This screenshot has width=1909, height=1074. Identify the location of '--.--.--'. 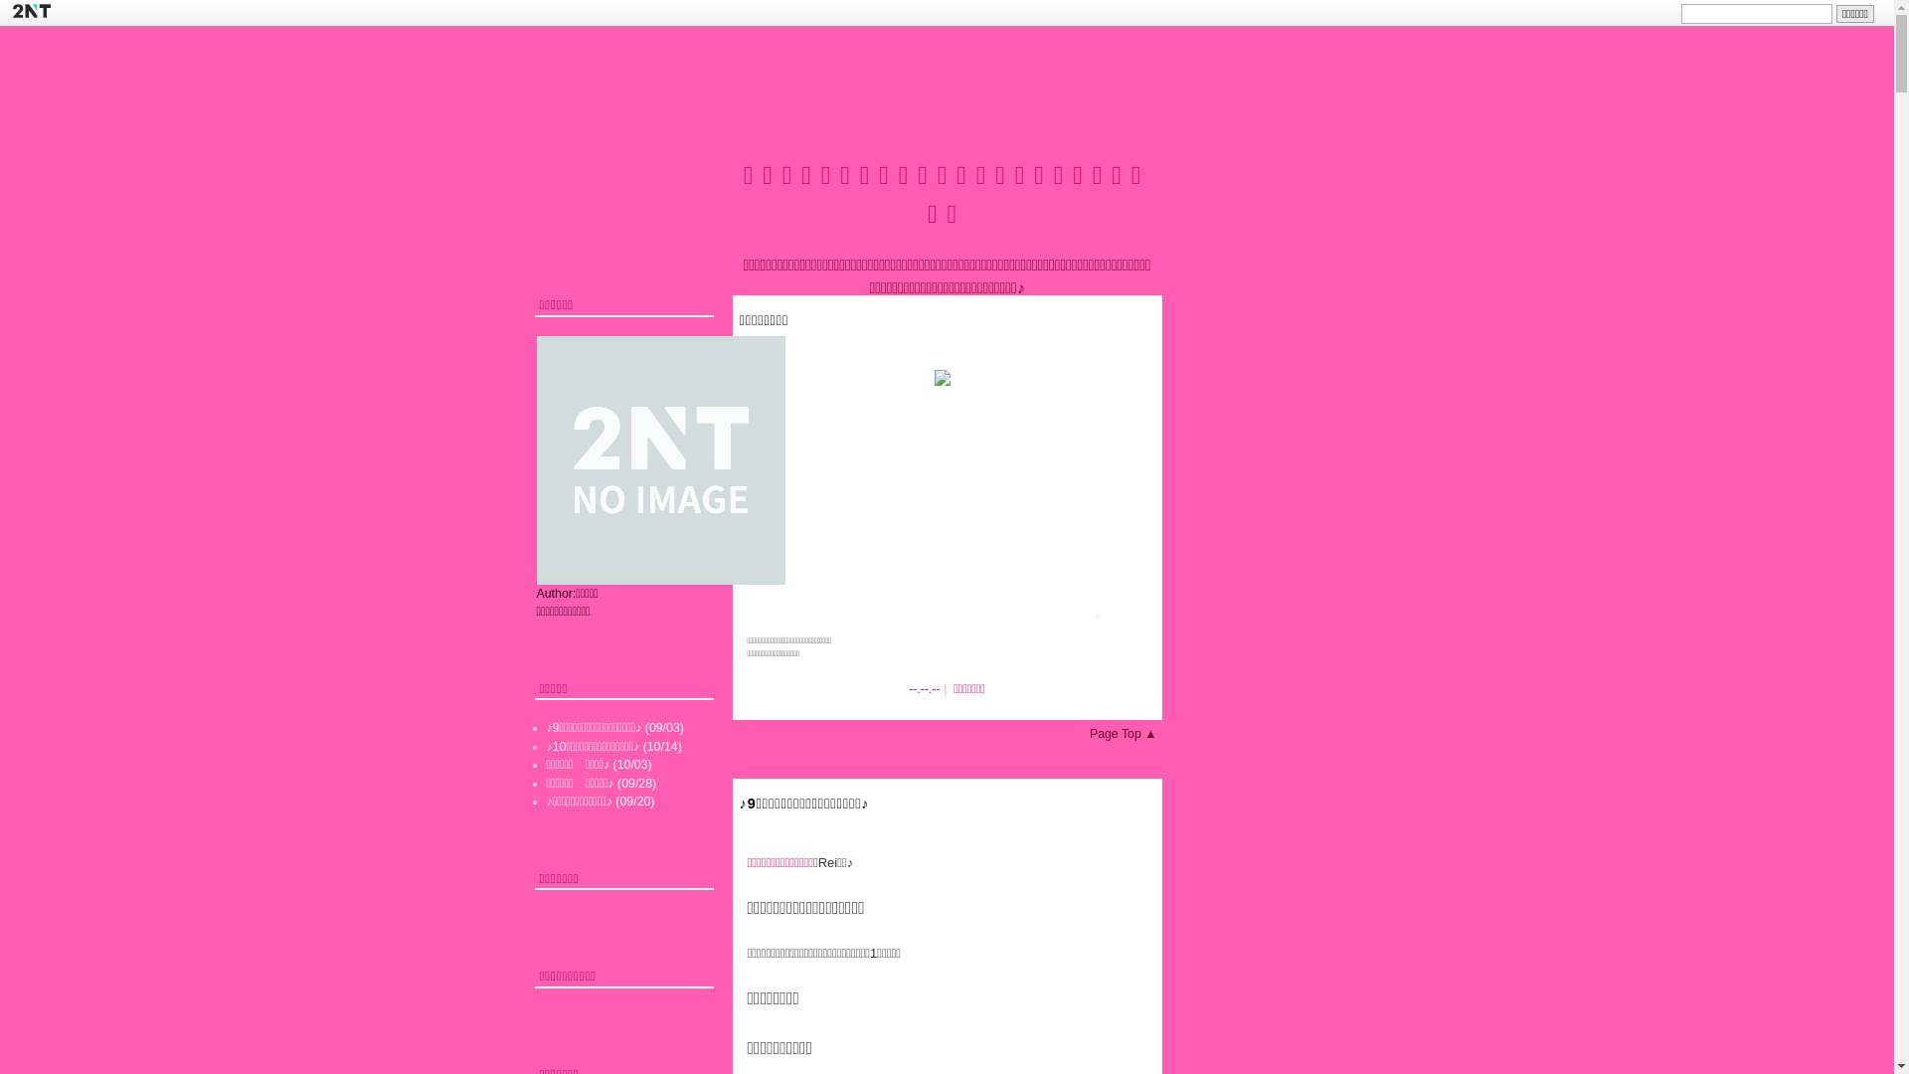
(924, 688).